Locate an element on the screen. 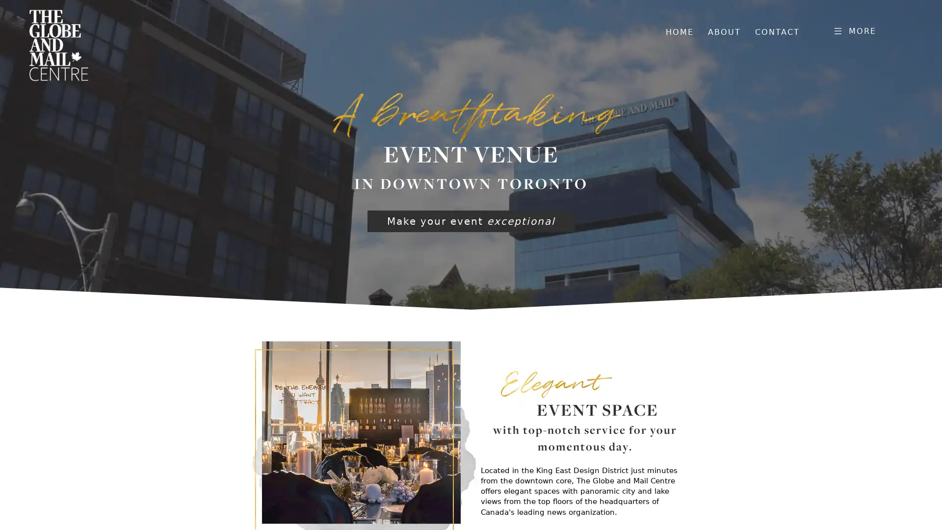  more is located at coordinates (854, 29).